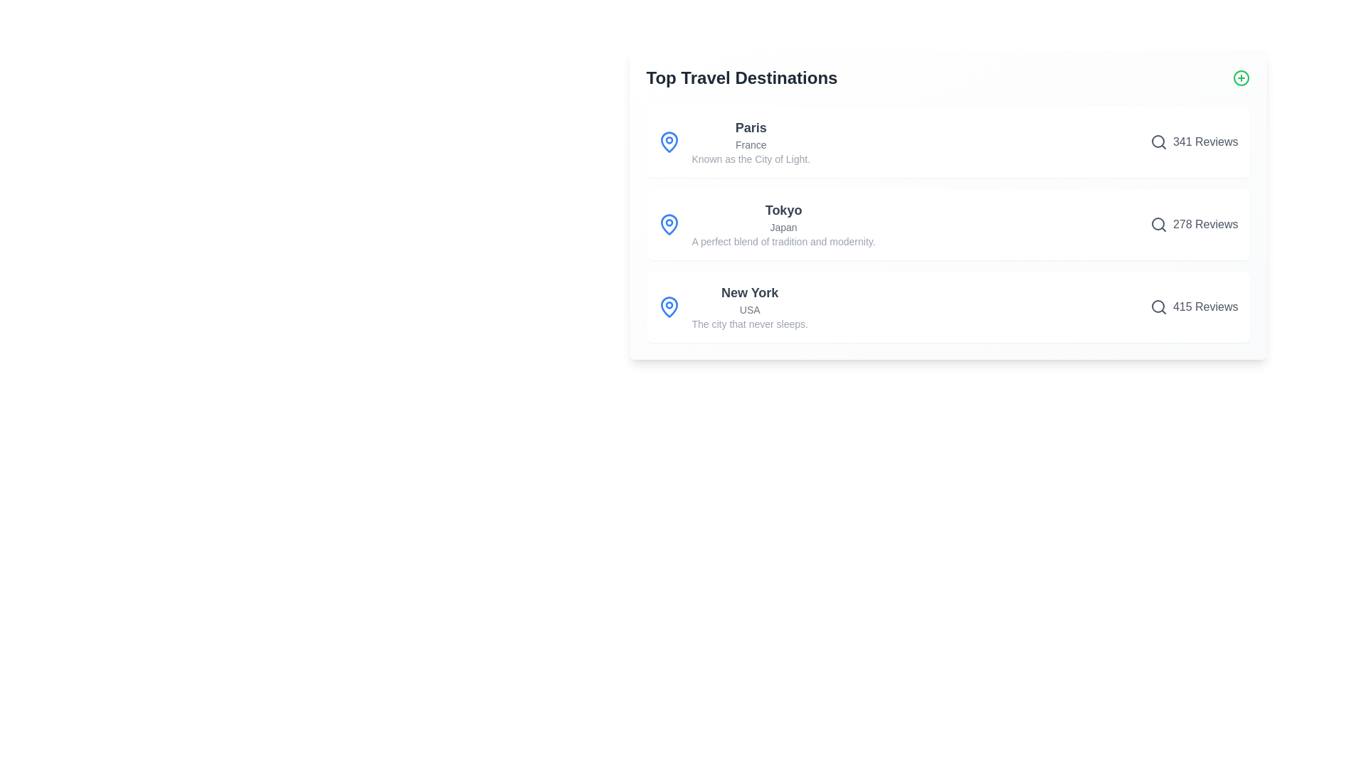 The width and height of the screenshot is (1366, 768). I want to click on the destination item for New York, so click(948, 306).